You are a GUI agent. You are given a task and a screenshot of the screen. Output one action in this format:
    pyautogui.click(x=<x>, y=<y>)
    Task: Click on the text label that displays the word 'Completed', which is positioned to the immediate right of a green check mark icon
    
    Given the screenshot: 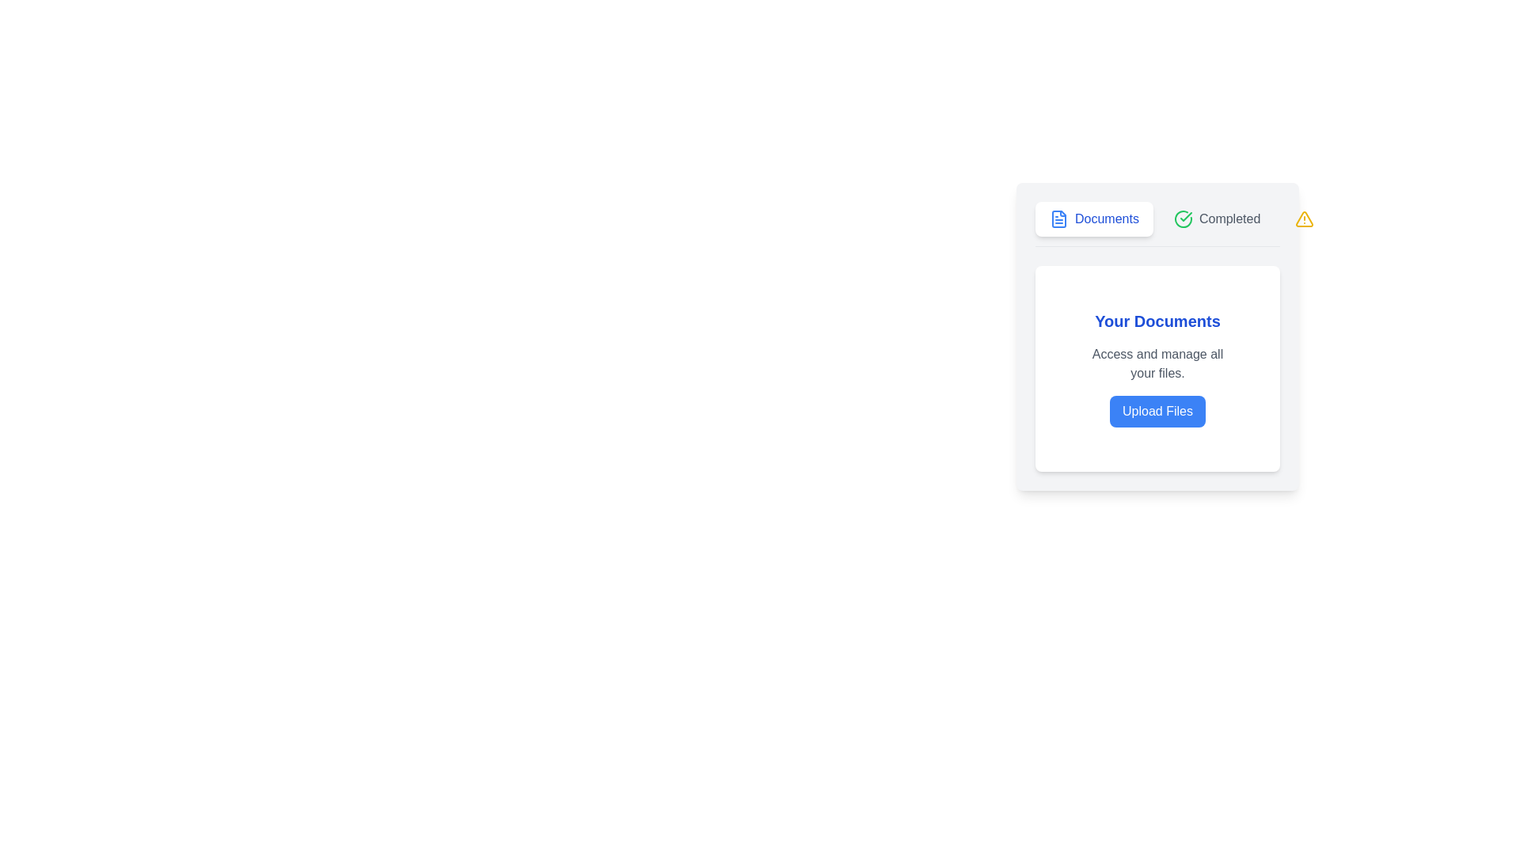 What is the action you would take?
    pyautogui.click(x=1229, y=219)
    